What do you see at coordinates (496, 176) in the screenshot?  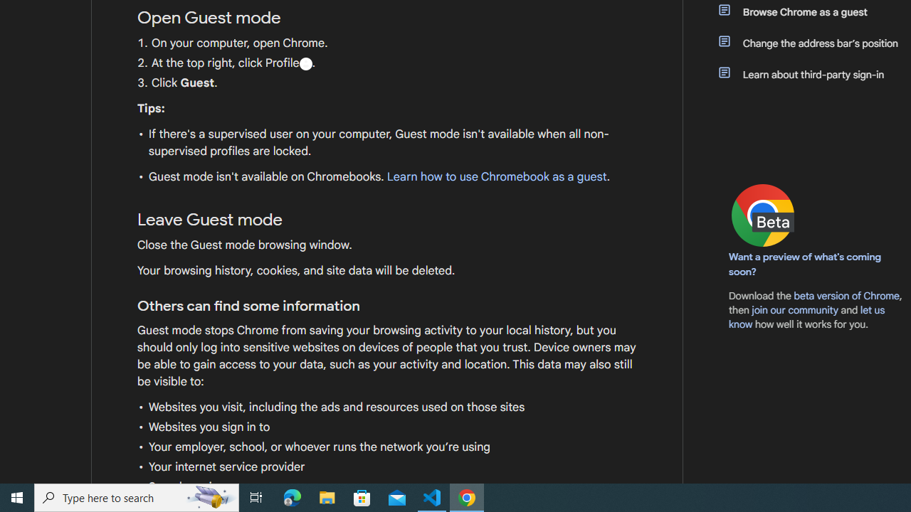 I see `'Learn how to use Chromebook as a guest'` at bounding box center [496, 176].